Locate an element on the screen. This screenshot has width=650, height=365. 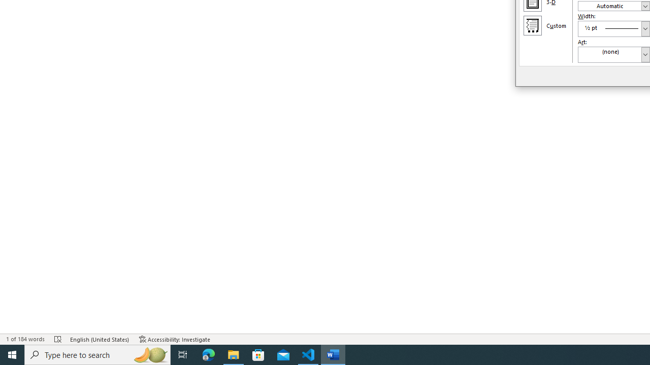
'Start' is located at coordinates (12, 354).